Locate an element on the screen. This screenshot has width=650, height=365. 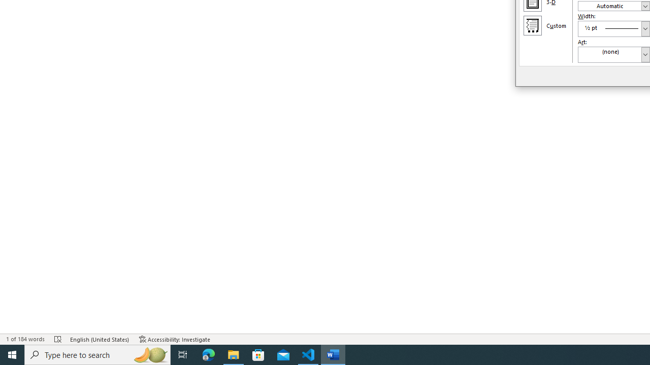
'Start' is located at coordinates (12, 354).